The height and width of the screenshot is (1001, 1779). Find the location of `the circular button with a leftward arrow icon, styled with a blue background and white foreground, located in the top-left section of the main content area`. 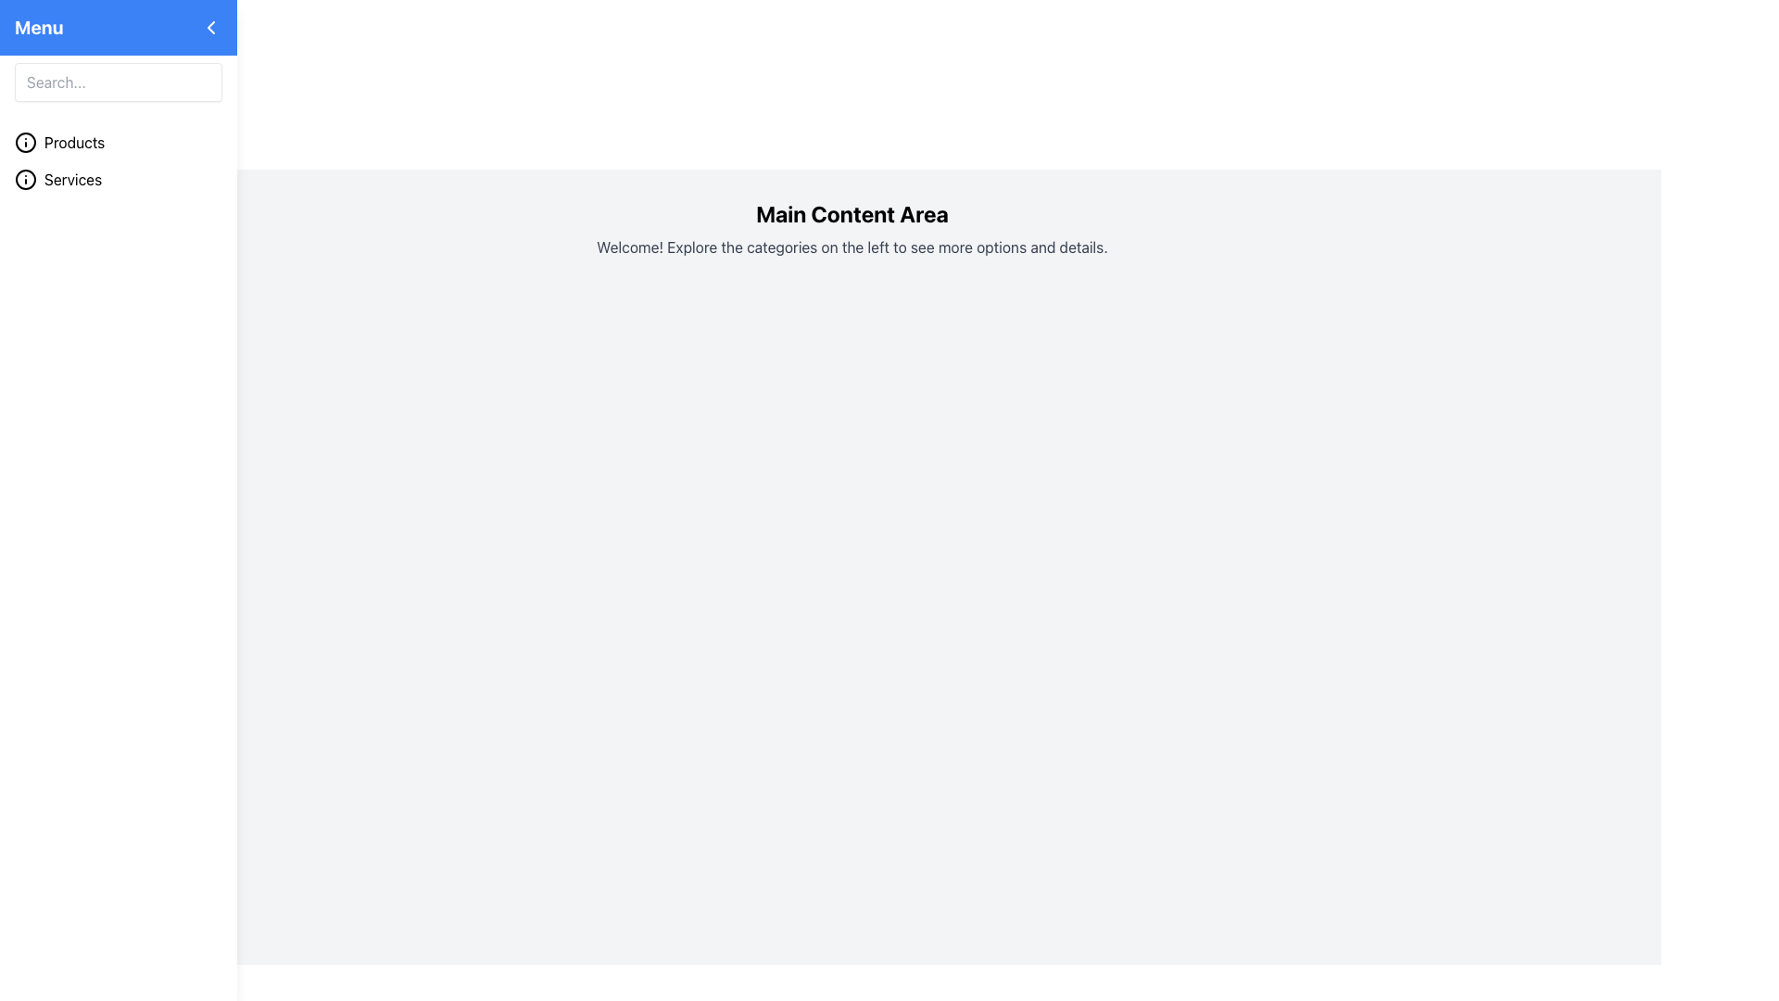

the circular button with a leftward arrow icon, styled with a blue background and white foreground, located in the top-left section of the main content area is located at coordinates (54, 181).